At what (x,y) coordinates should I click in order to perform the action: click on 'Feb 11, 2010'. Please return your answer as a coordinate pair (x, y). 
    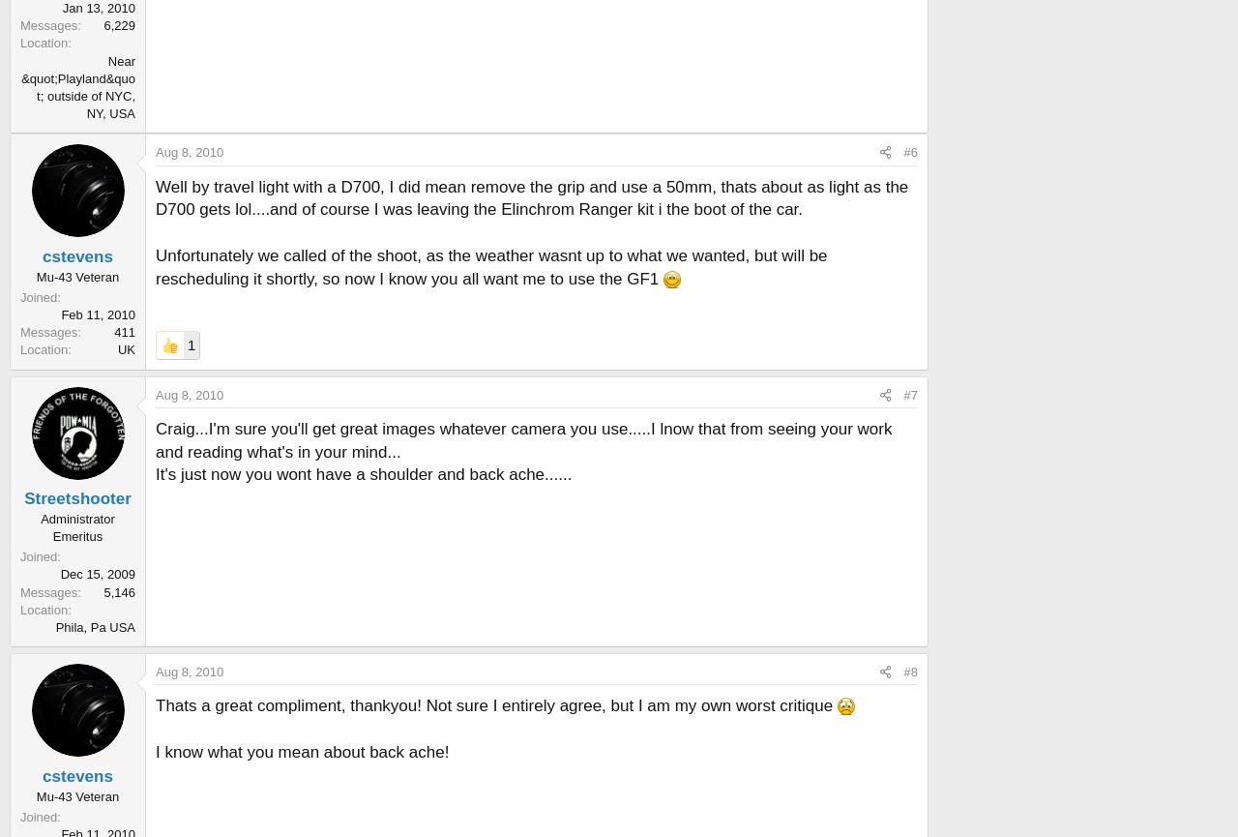
    Looking at the image, I should click on (97, 314).